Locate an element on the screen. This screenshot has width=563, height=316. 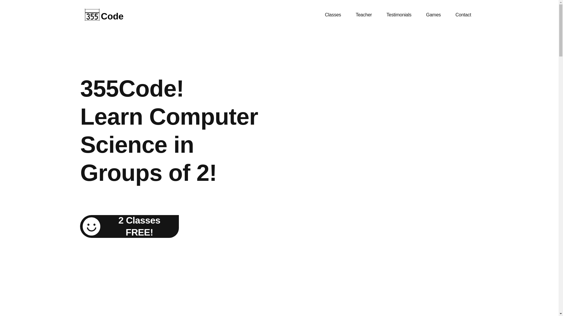
'Classes' is located at coordinates (333, 14).